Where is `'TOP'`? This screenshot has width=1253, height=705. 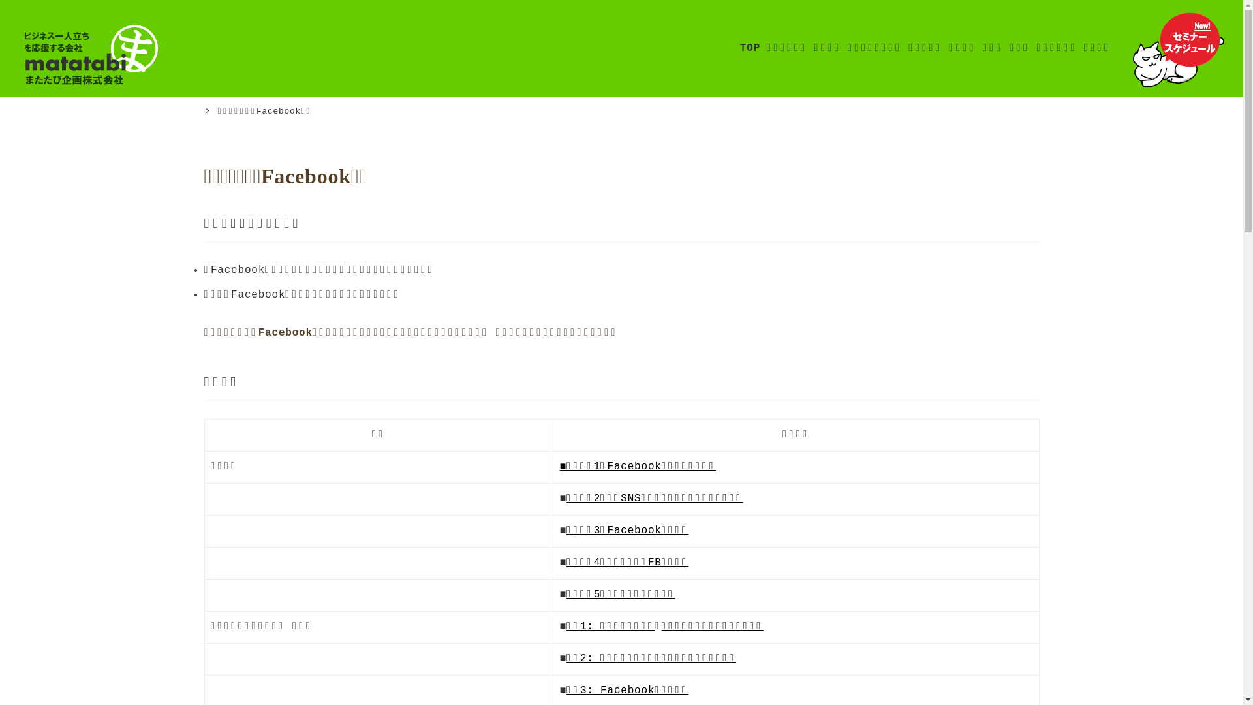 'TOP' is located at coordinates (736, 48).